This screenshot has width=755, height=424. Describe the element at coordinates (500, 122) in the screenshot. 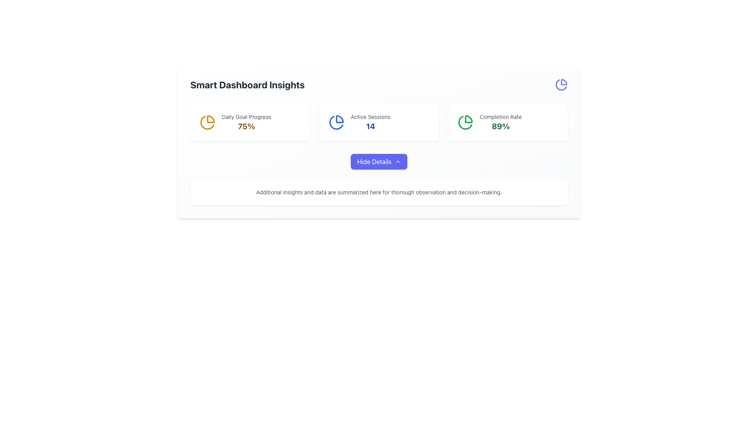

I see `the 'Completion Rate' text display in the third information card on the dashboard, which includes a pie chart icon to its left` at that location.